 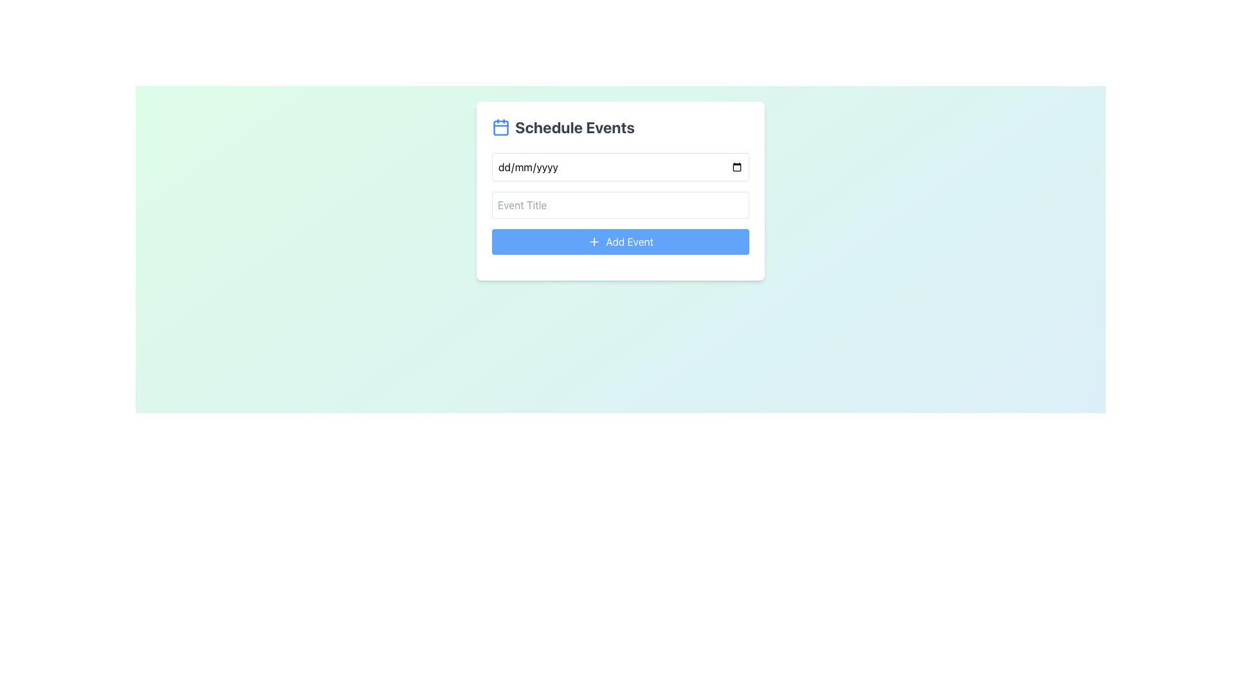 What do you see at coordinates (620, 241) in the screenshot?
I see `the 'Add Event' button, which is a bright blue button with rounded corners and white text, to change its background color` at bounding box center [620, 241].